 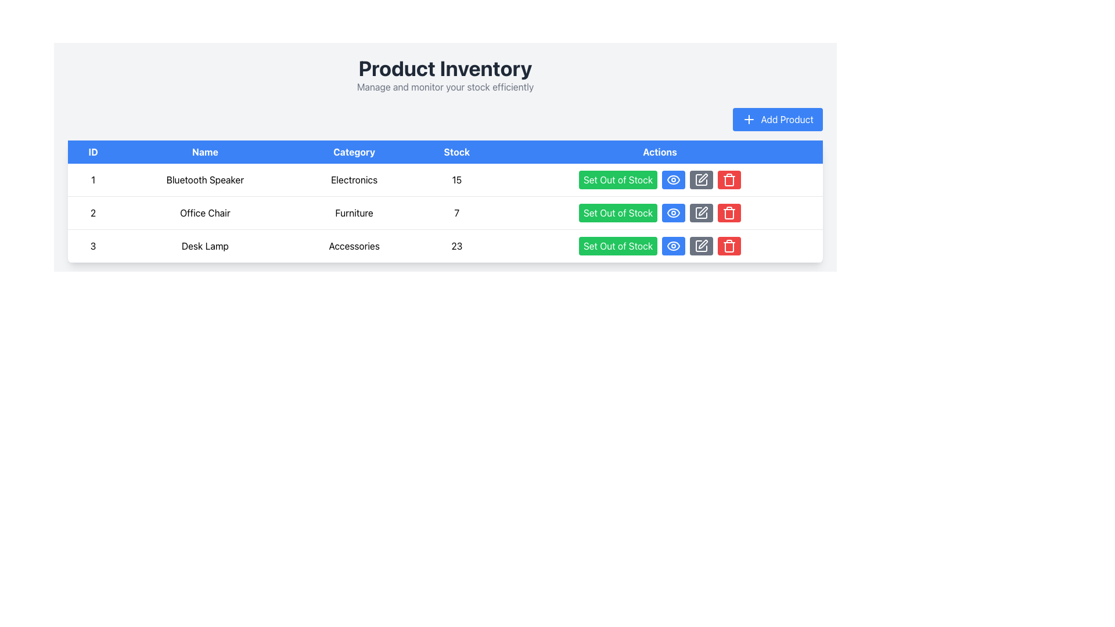 I want to click on the gray square button with a white pencil icon, so click(x=701, y=179).